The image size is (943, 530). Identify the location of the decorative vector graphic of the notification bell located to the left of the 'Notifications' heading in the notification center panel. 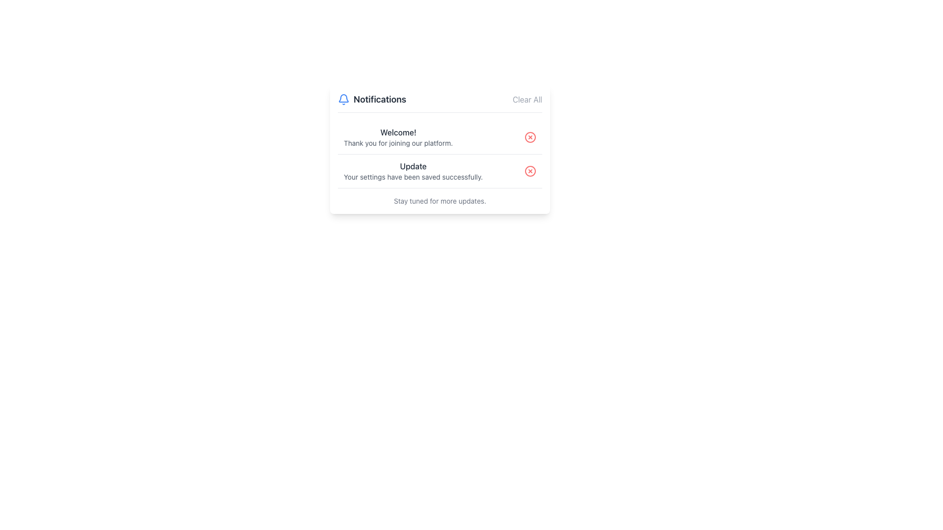
(344, 98).